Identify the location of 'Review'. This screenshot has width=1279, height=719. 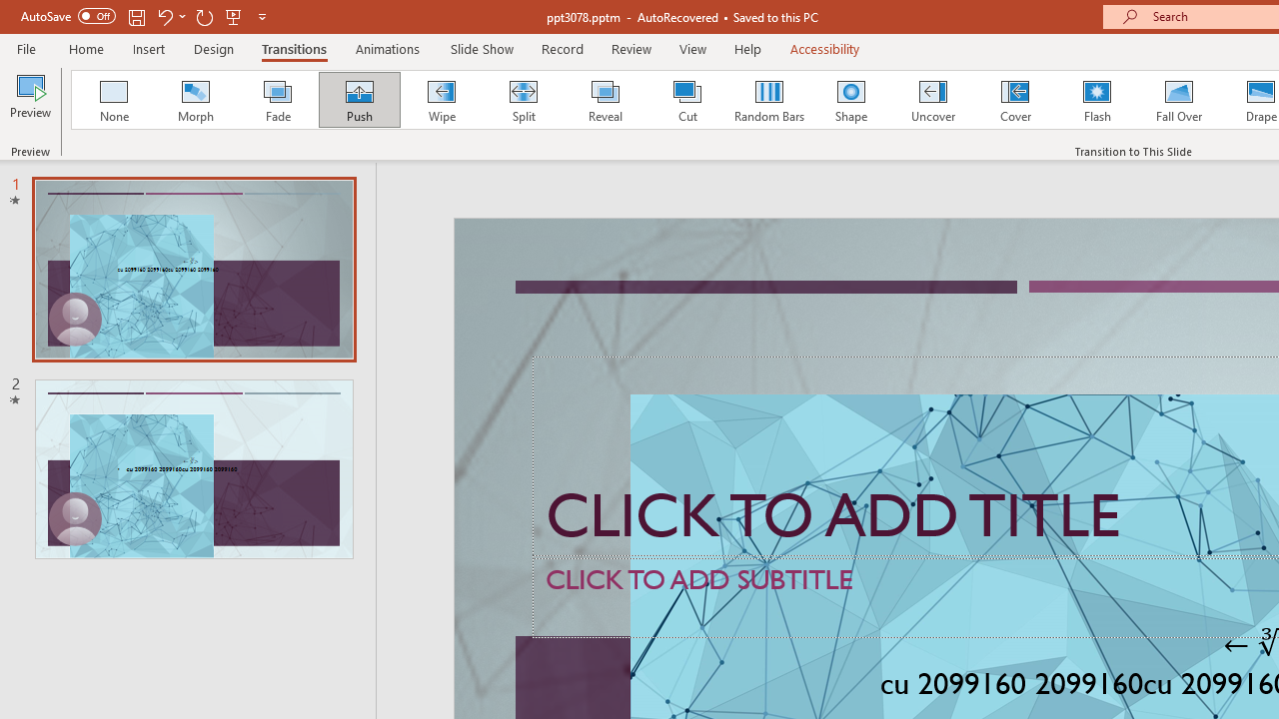
(630, 48).